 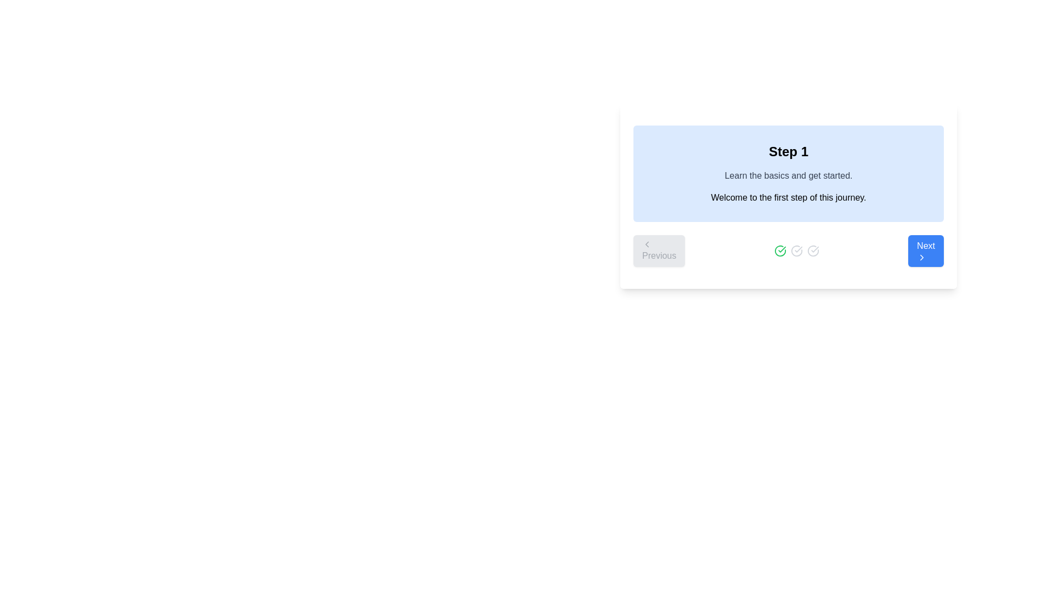 What do you see at coordinates (921, 258) in the screenshot?
I see `the design of the small, right-pointing chevron icon used for navigation, which is located within the 'Next' button at the bottom-right corner of the interface` at bounding box center [921, 258].